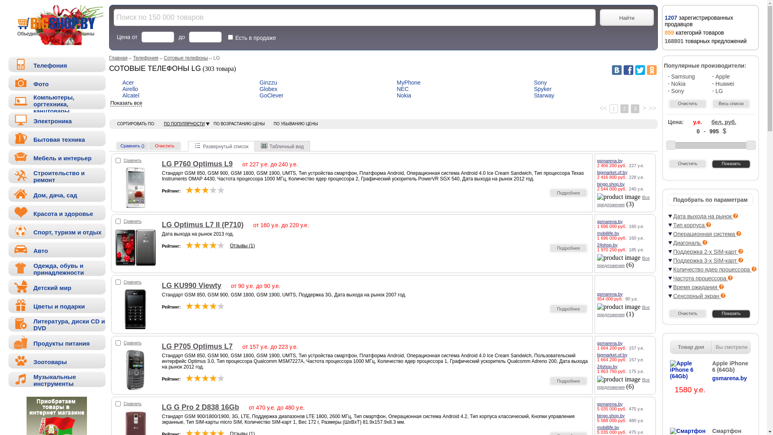  What do you see at coordinates (608, 427) in the screenshot?
I see `'mobillife.by'` at bounding box center [608, 427].